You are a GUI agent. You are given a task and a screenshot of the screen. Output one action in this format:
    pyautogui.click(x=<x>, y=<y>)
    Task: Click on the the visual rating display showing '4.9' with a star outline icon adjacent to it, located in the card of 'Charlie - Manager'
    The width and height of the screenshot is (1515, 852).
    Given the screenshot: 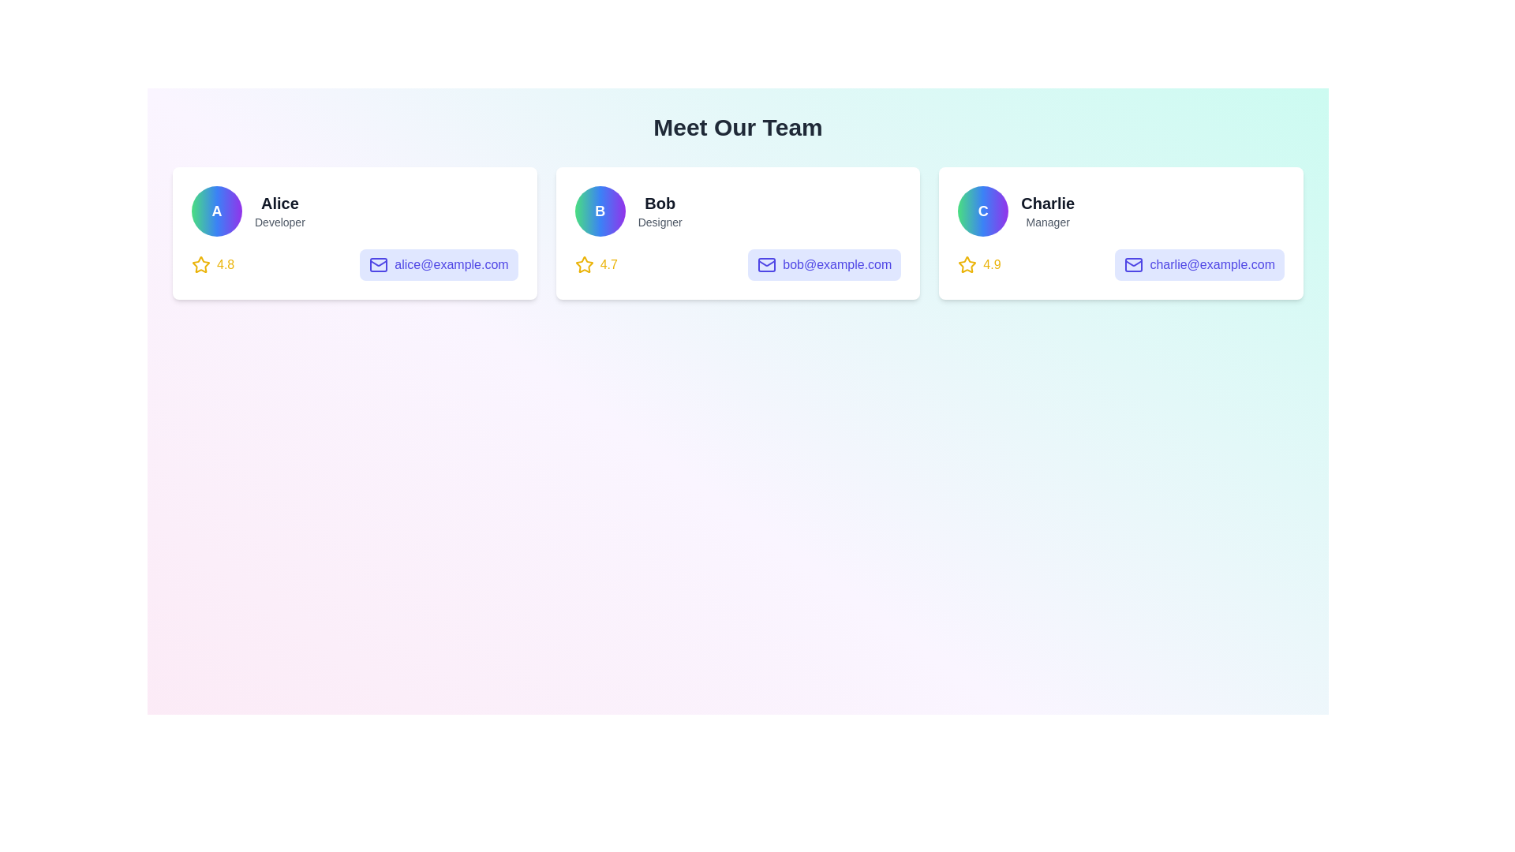 What is the action you would take?
    pyautogui.click(x=978, y=263)
    